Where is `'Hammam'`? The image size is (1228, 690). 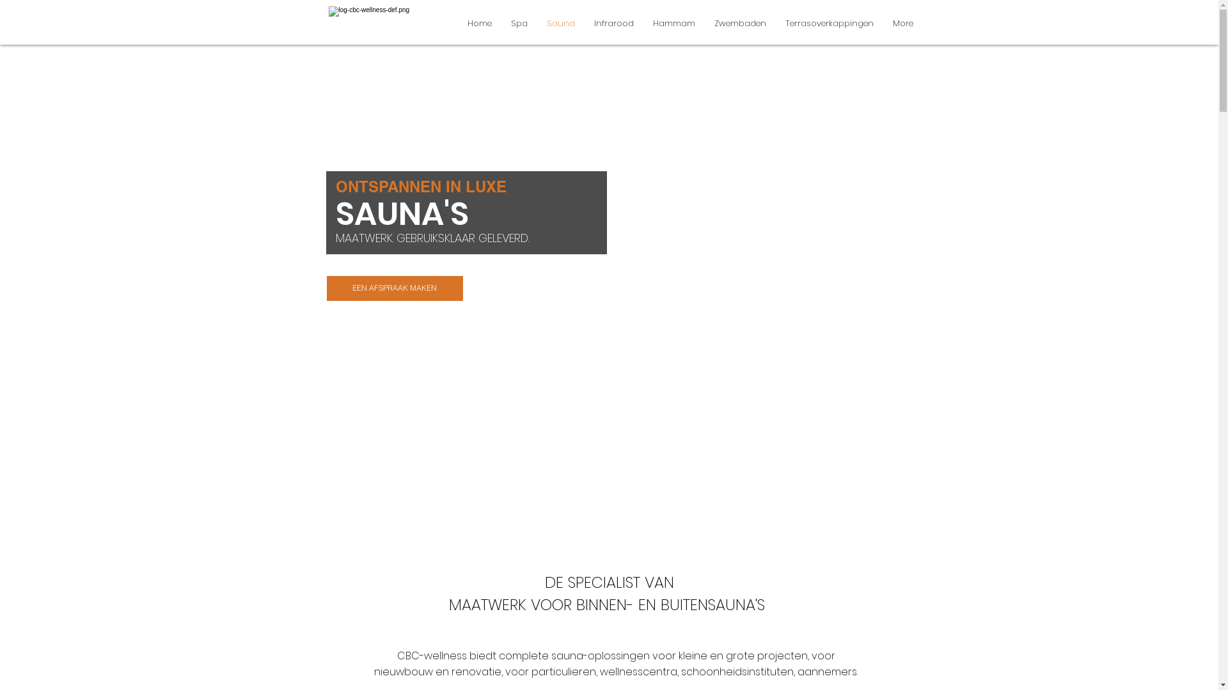 'Hammam' is located at coordinates (673, 23).